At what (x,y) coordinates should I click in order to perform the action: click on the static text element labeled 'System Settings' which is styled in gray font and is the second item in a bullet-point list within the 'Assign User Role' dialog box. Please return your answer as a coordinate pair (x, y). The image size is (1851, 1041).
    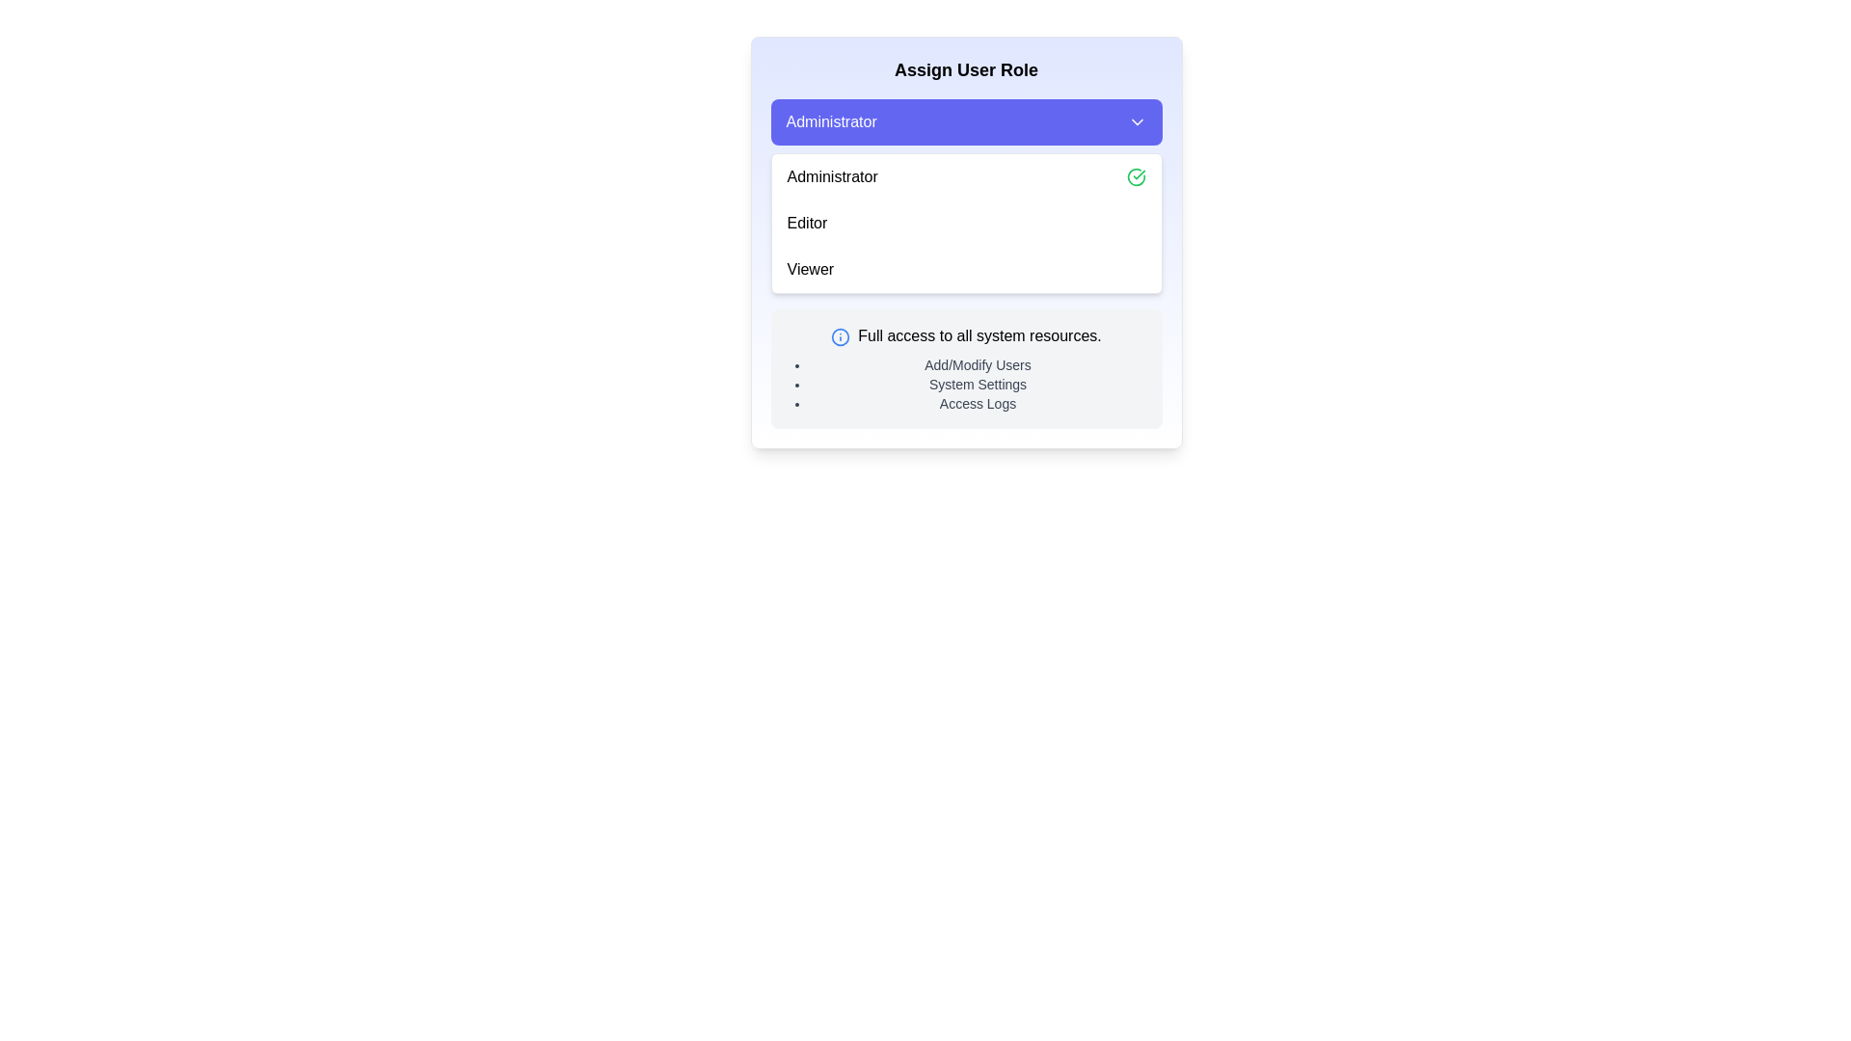
    Looking at the image, I should click on (978, 384).